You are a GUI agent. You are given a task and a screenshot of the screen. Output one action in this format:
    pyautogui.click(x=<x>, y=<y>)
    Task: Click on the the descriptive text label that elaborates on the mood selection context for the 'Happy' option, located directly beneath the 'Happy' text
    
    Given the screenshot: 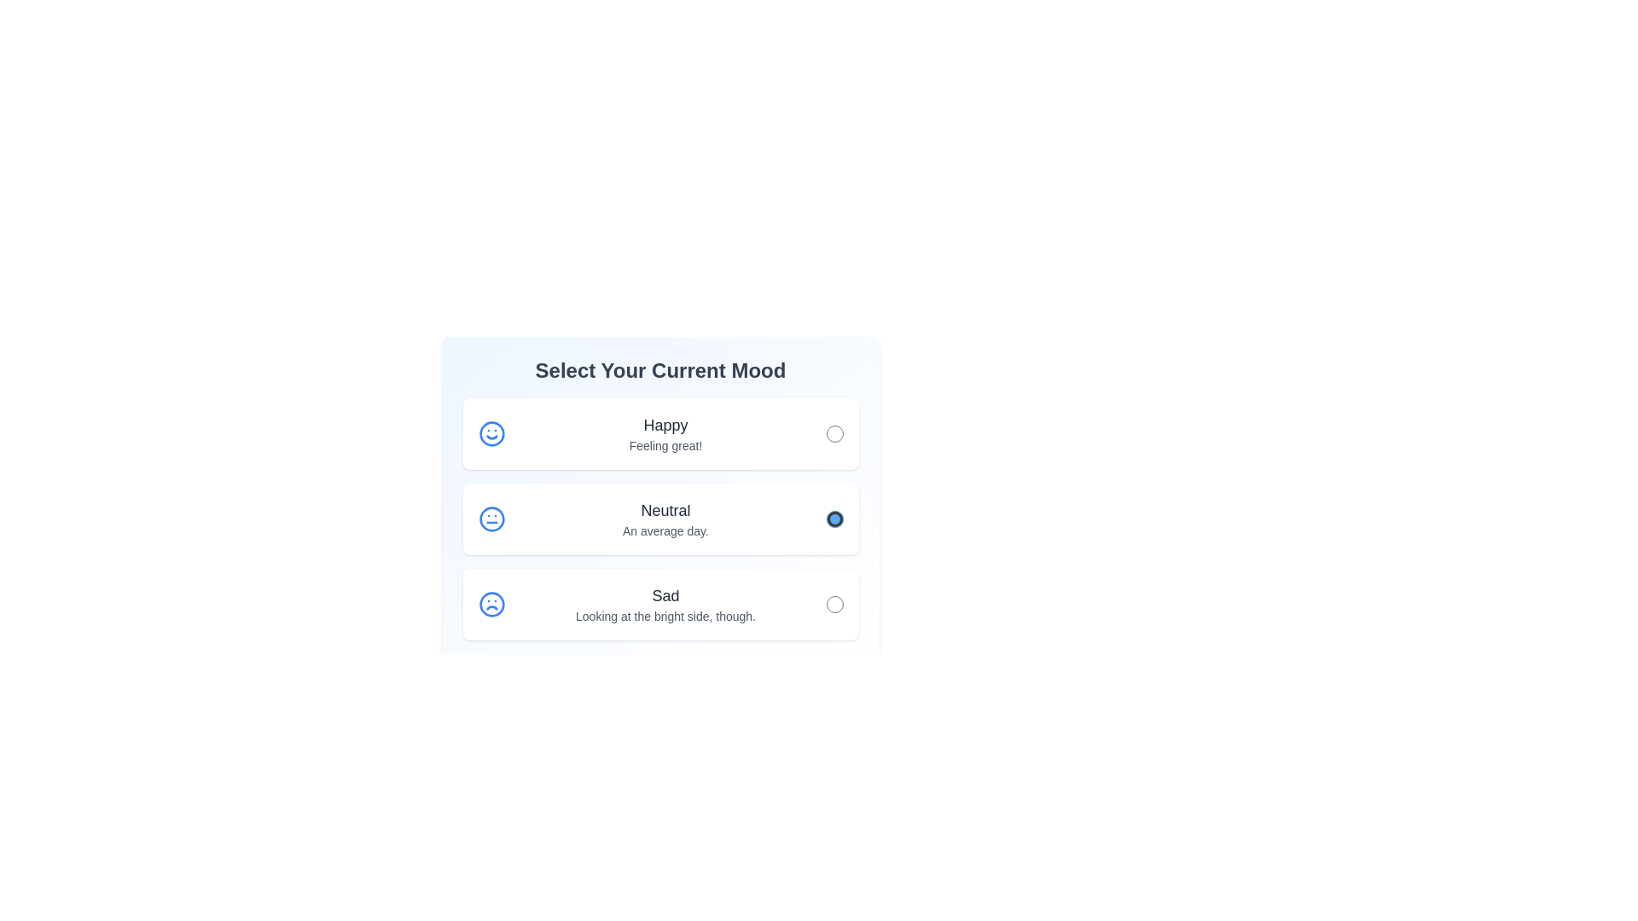 What is the action you would take?
    pyautogui.click(x=665, y=445)
    